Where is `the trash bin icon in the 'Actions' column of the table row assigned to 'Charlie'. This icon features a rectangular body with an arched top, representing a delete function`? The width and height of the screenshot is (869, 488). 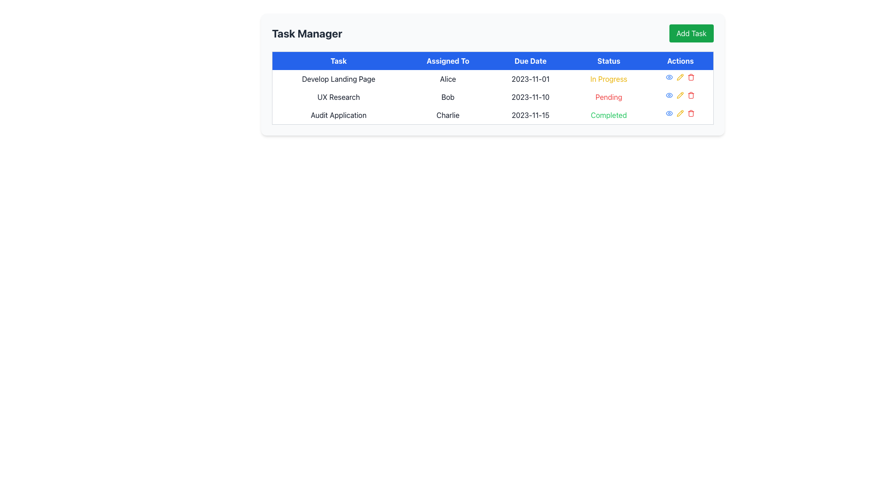 the trash bin icon in the 'Actions' column of the table row assigned to 'Charlie'. This icon features a rectangular body with an arched top, representing a delete function is located at coordinates (691, 113).